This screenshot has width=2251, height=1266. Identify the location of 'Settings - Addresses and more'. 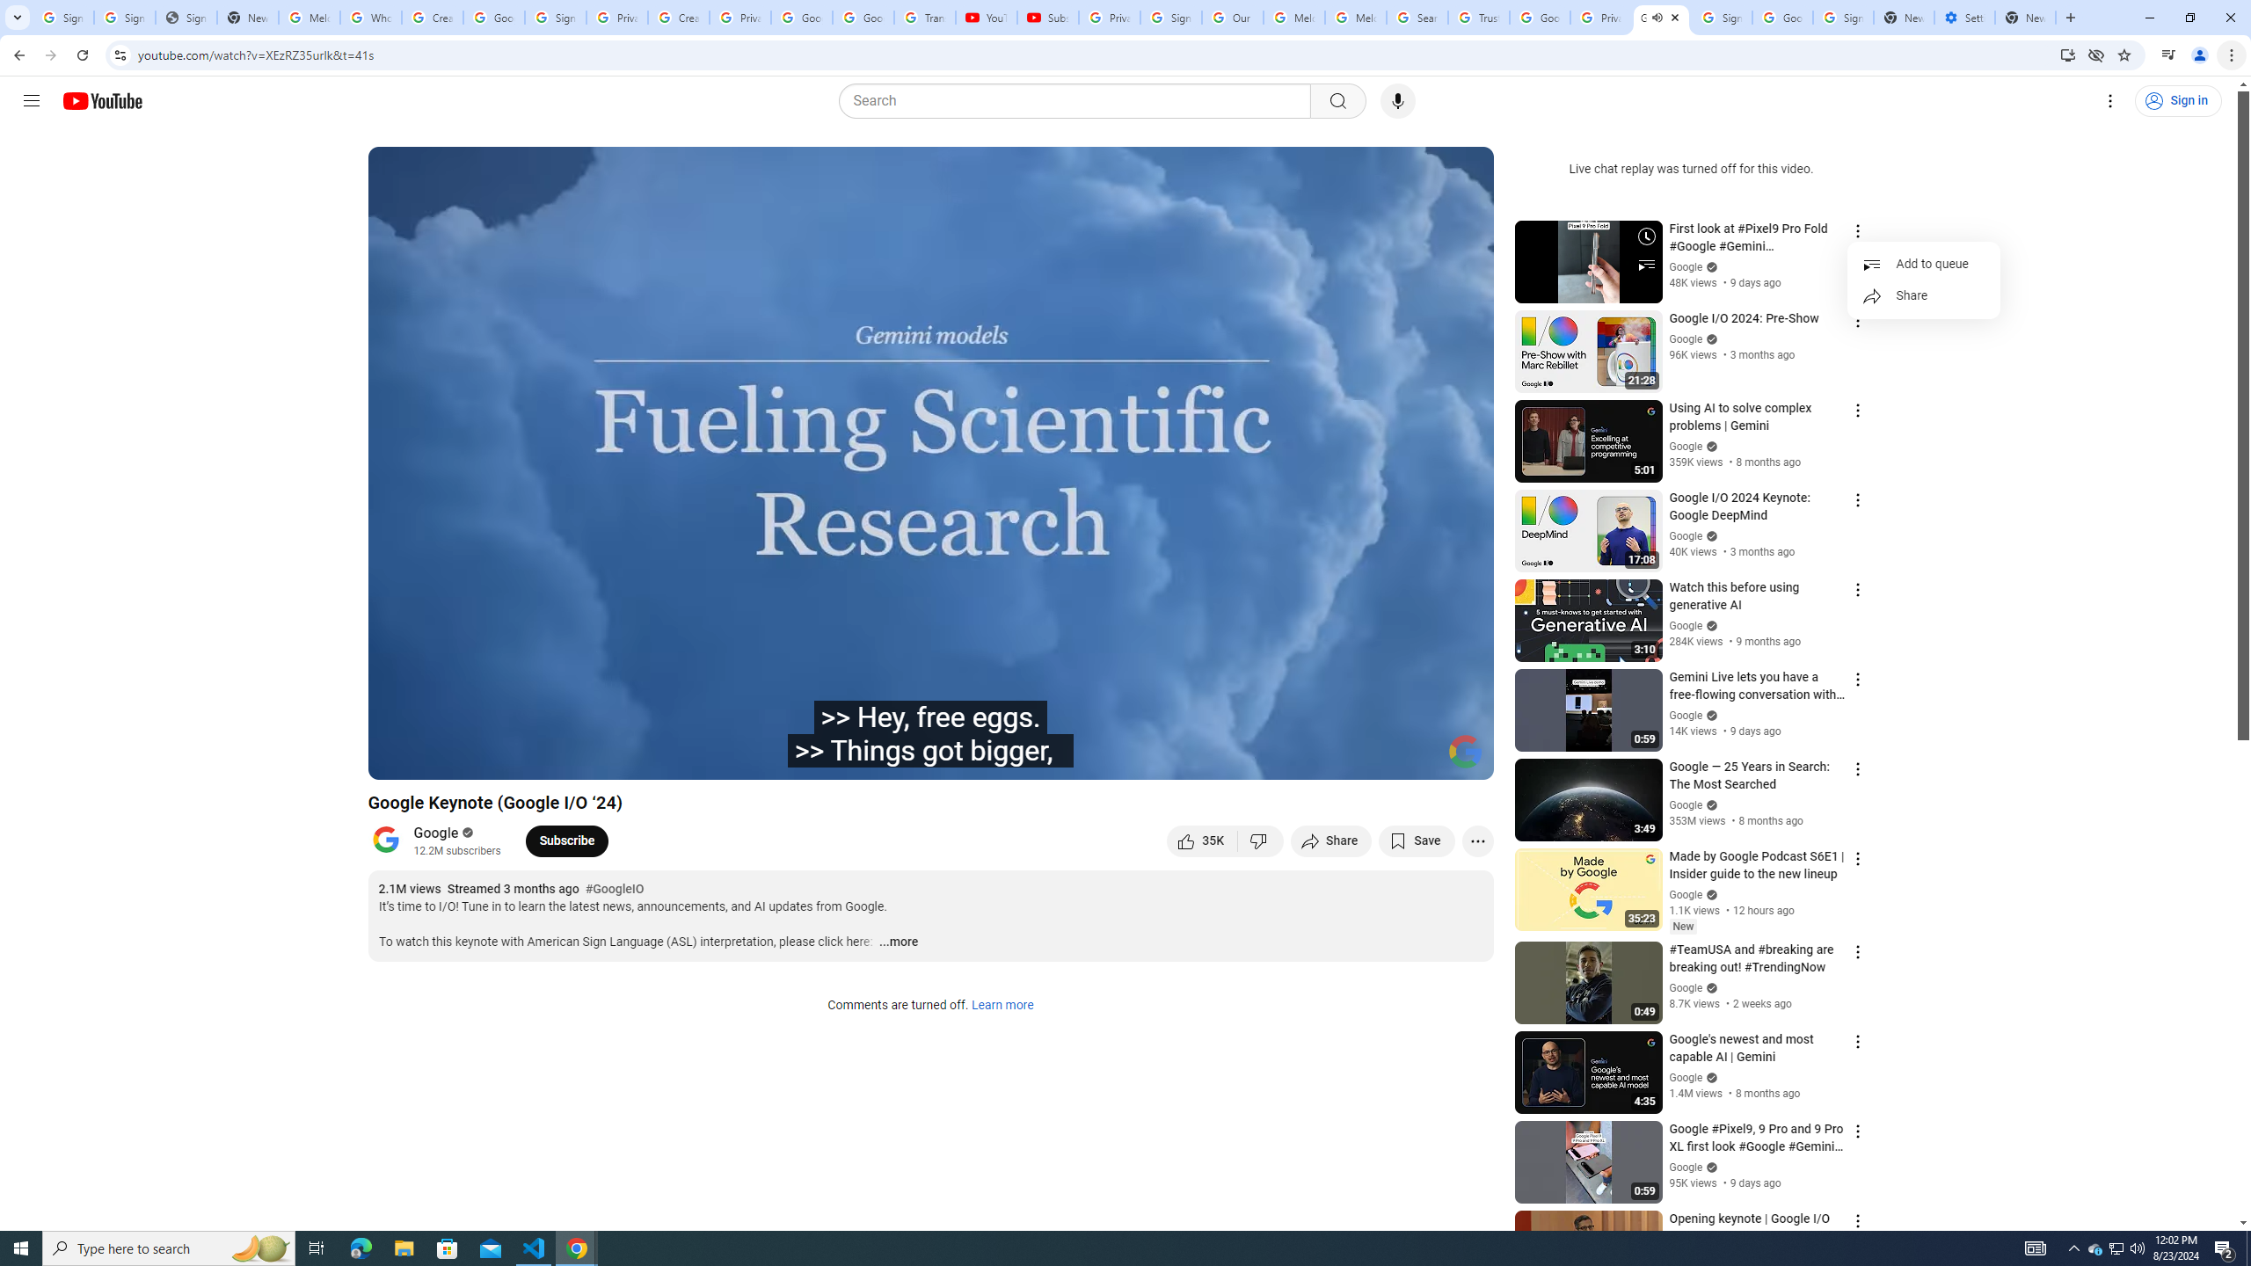
(1963, 17).